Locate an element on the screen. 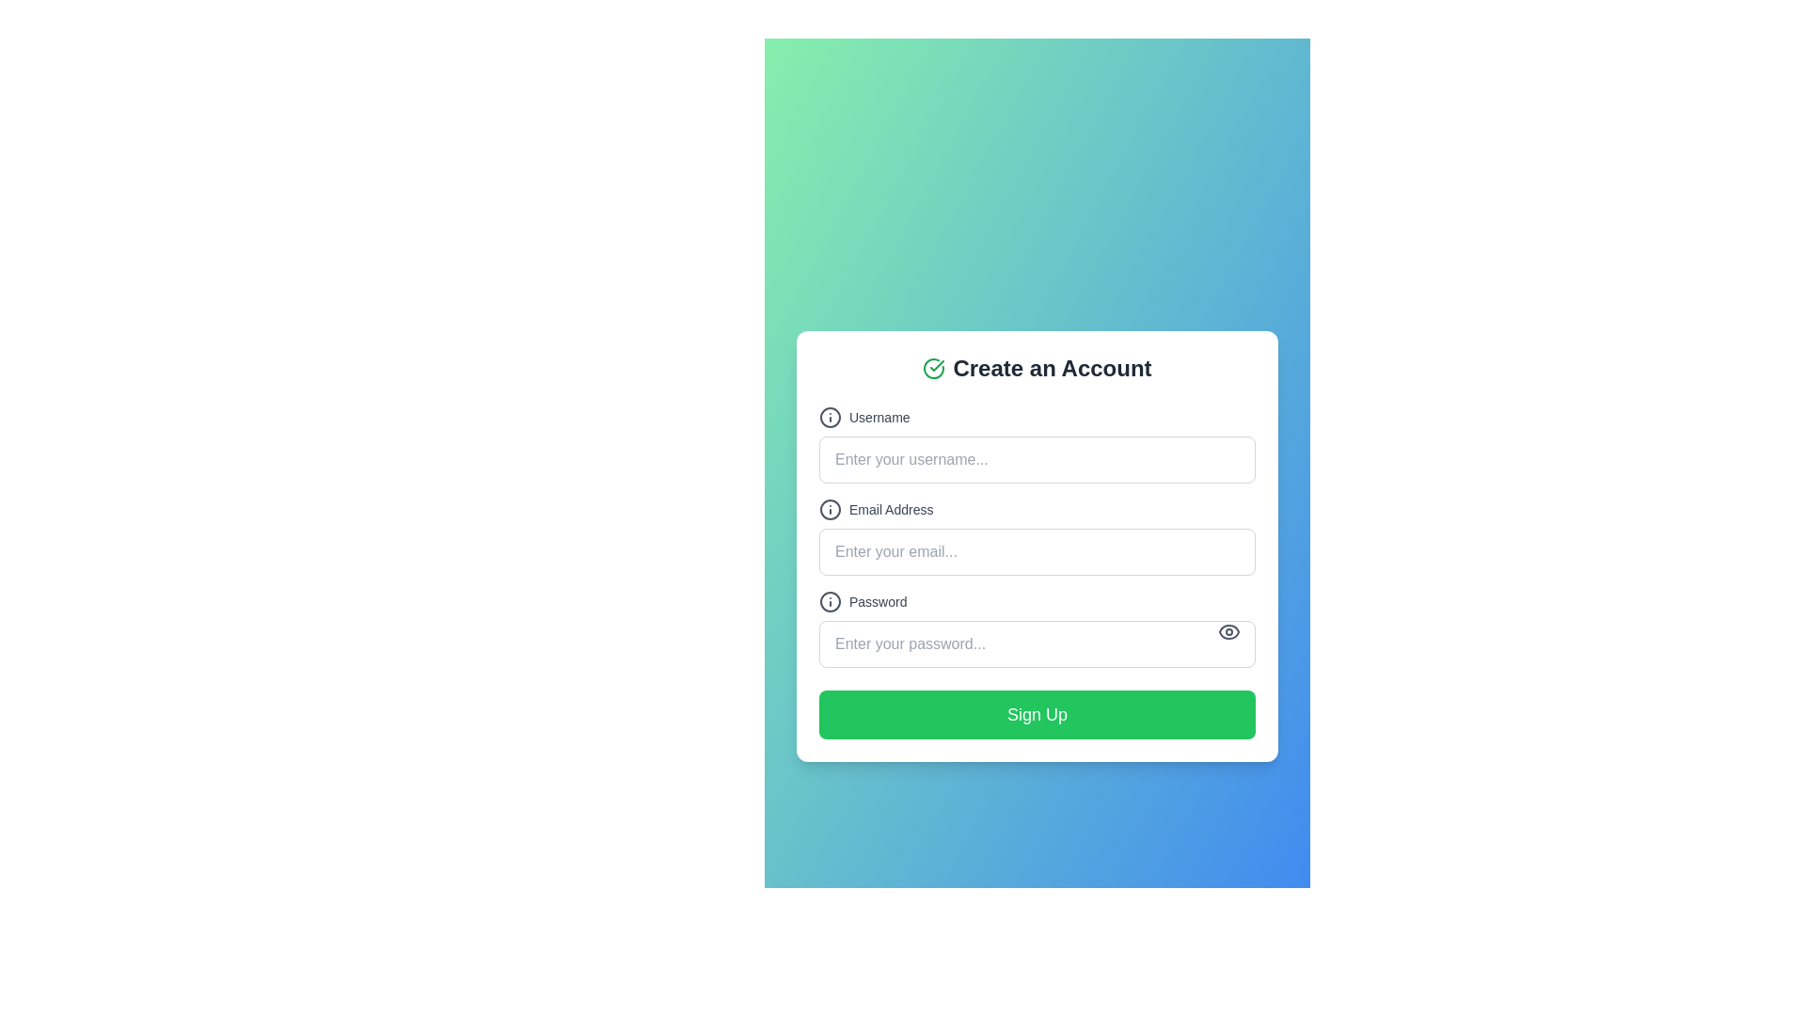  the circular icon located to the left of the 'Password' input field in the form interface, which is part of a grouped set of elements including informational icons, labels, and input boxes is located at coordinates (830, 602).